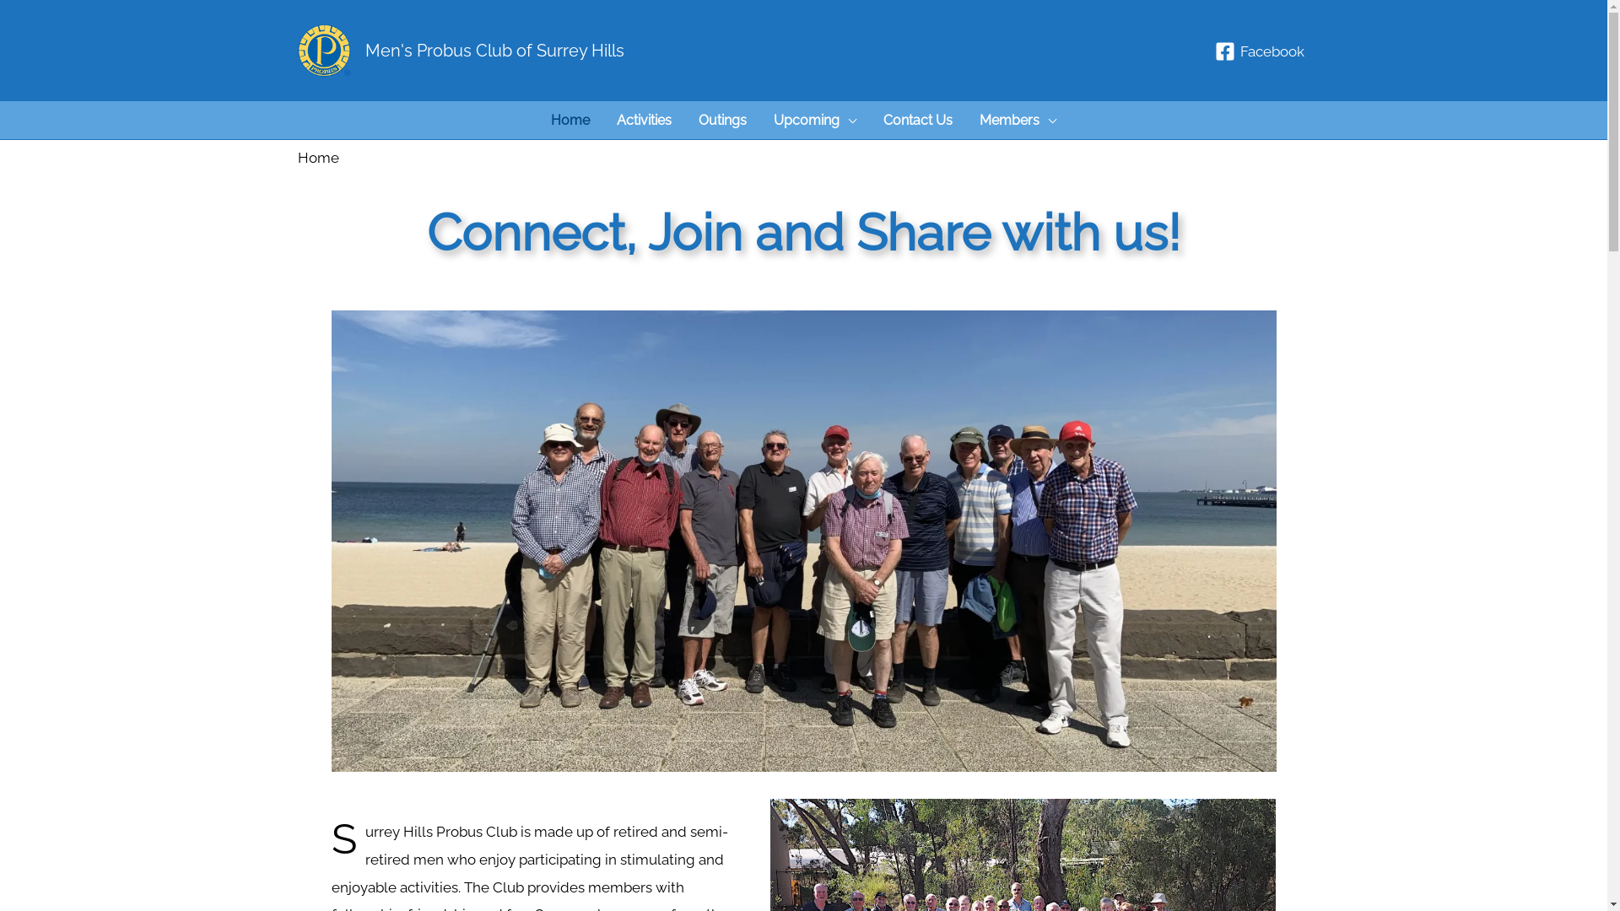 The height and width of the screenshot is (911, 1620). Describe the element at coordinates (603, 119) in the screenshot. I see `'Activities'` at that location.